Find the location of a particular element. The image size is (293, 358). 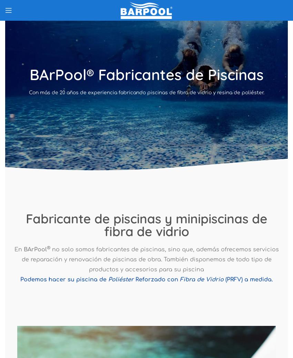

'Podemos hacer su piscina de' is located at coordinates (63, 279).